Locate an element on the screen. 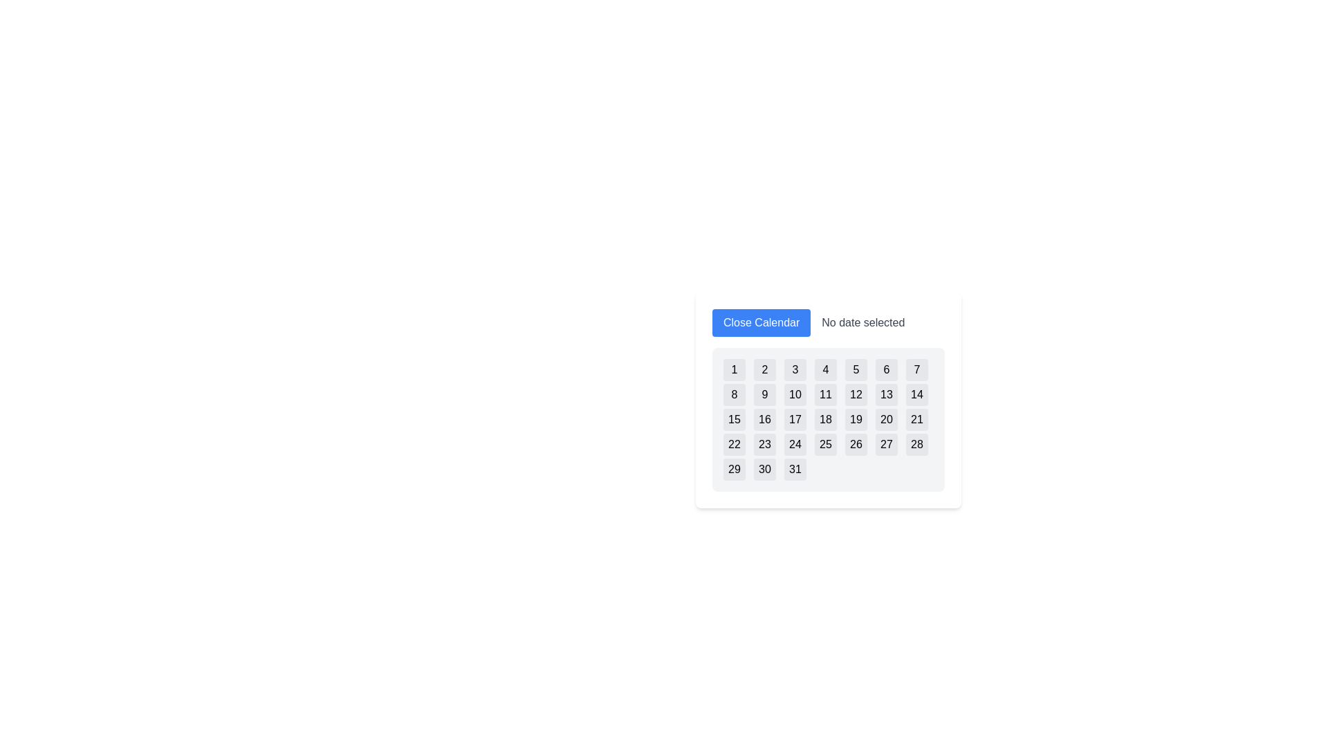  the square-shaped button with rounded corners and the number '22' in bold black text is located at coordinates (733, 445).